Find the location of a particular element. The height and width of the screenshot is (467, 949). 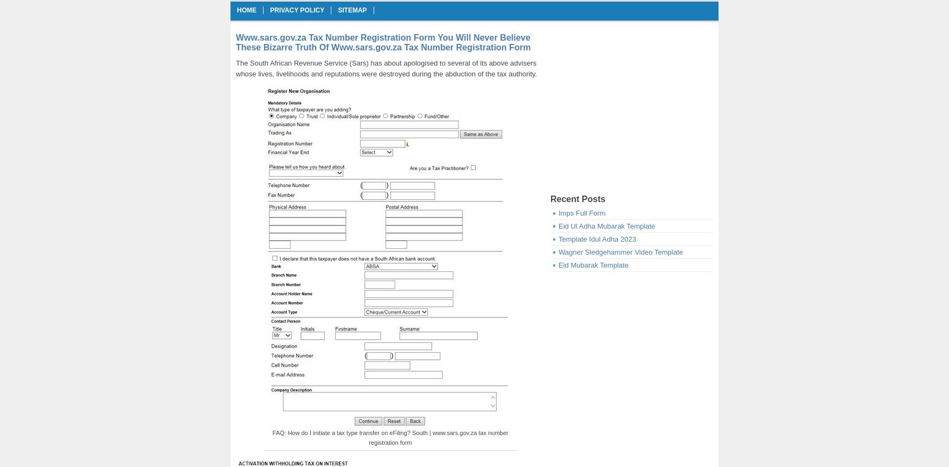

'Wagner Sledgehammer Video Template' is located at coordinates (558, 252).